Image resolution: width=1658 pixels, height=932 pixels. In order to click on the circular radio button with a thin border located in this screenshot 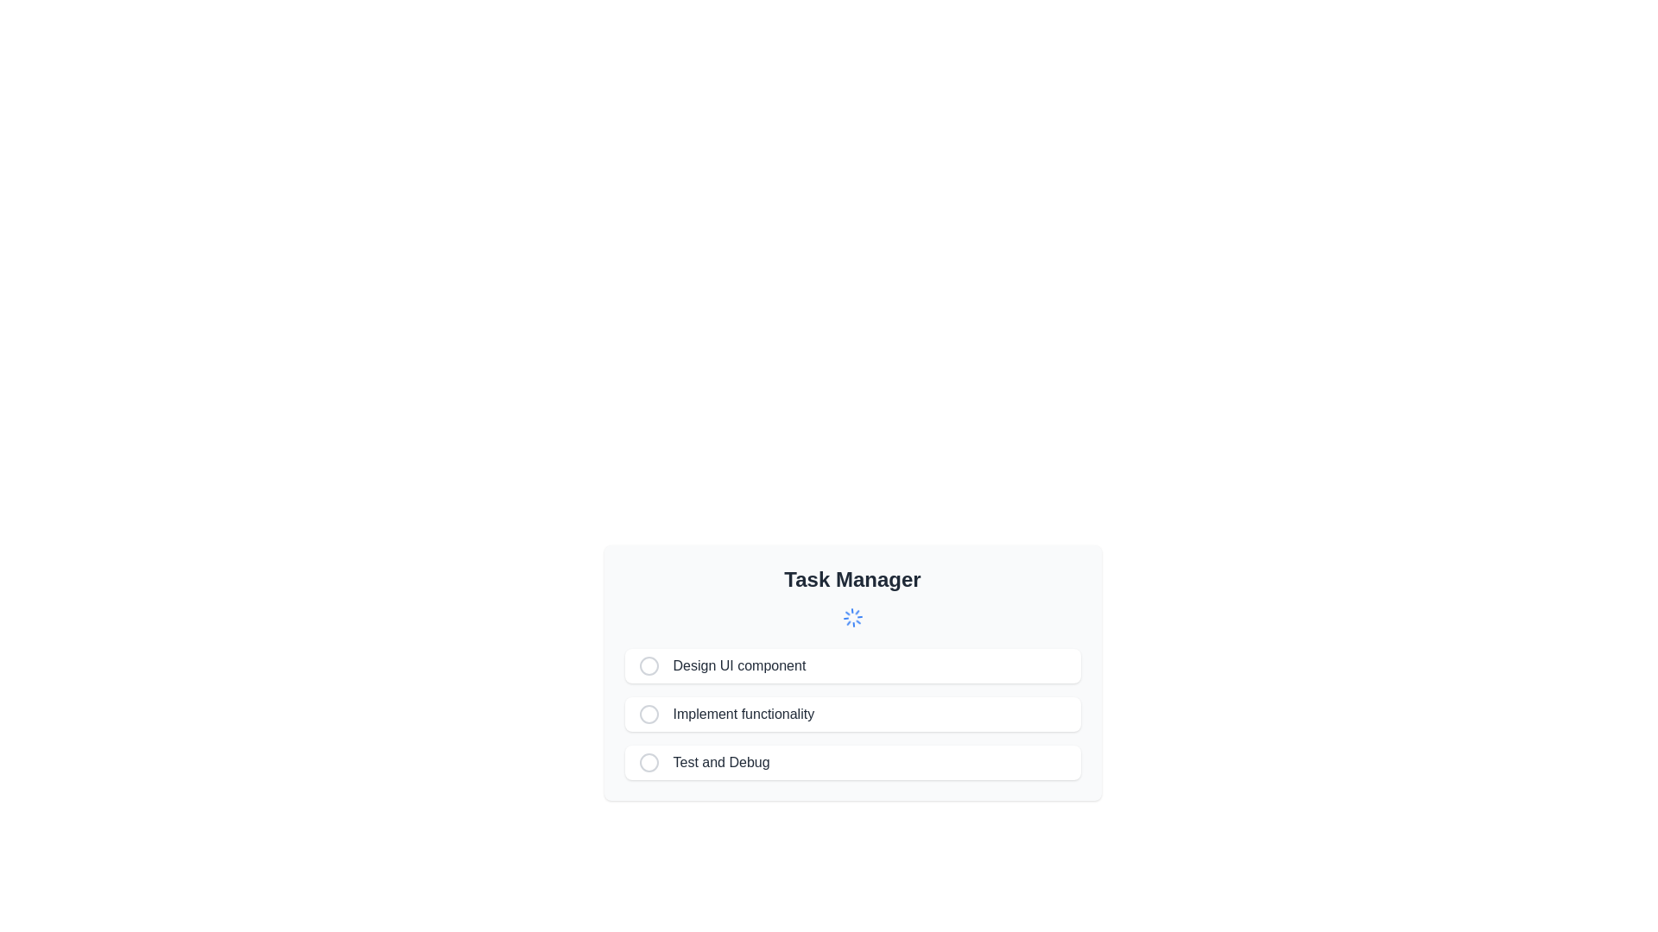, I will do `click(655, 761)`.